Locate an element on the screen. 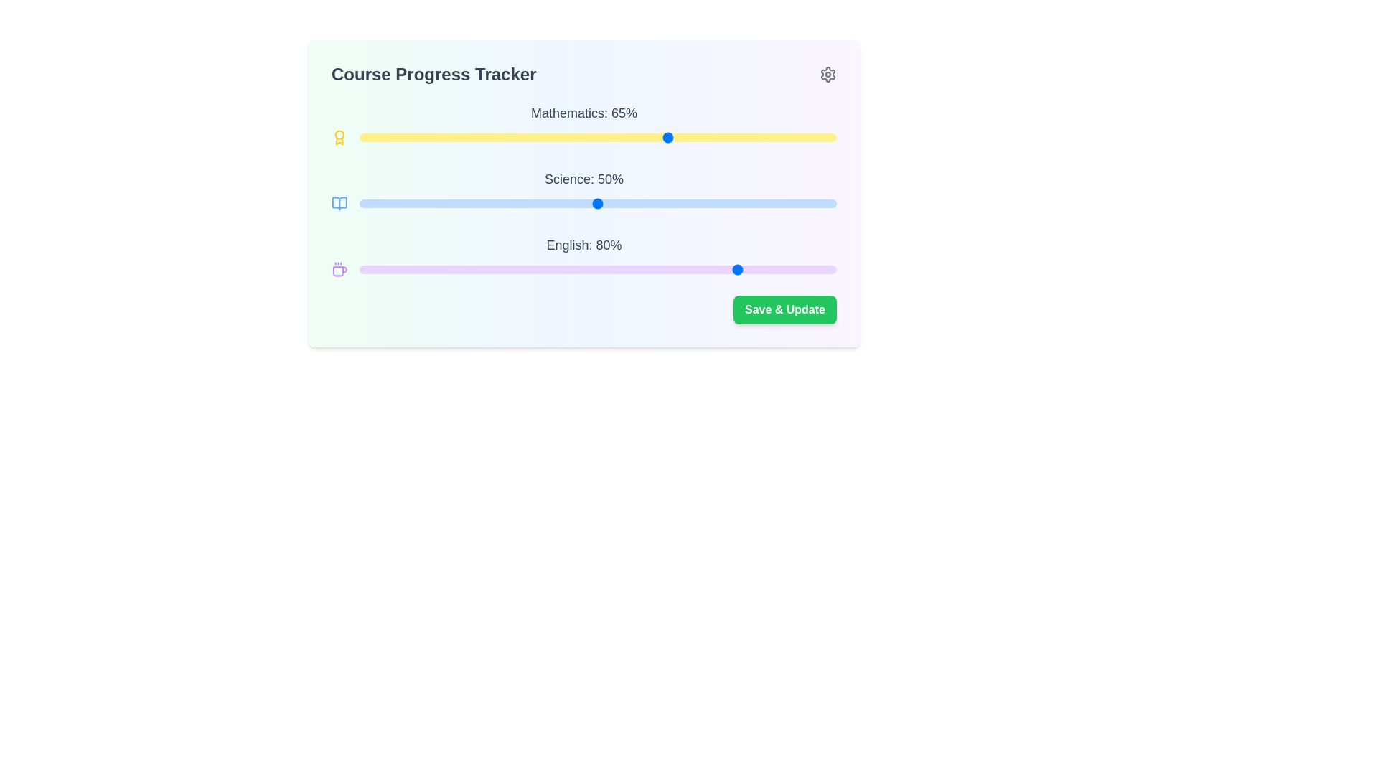 This screenshot has width=1378, height=775. the mathematics progress slider is located at coordinates (383, 138).